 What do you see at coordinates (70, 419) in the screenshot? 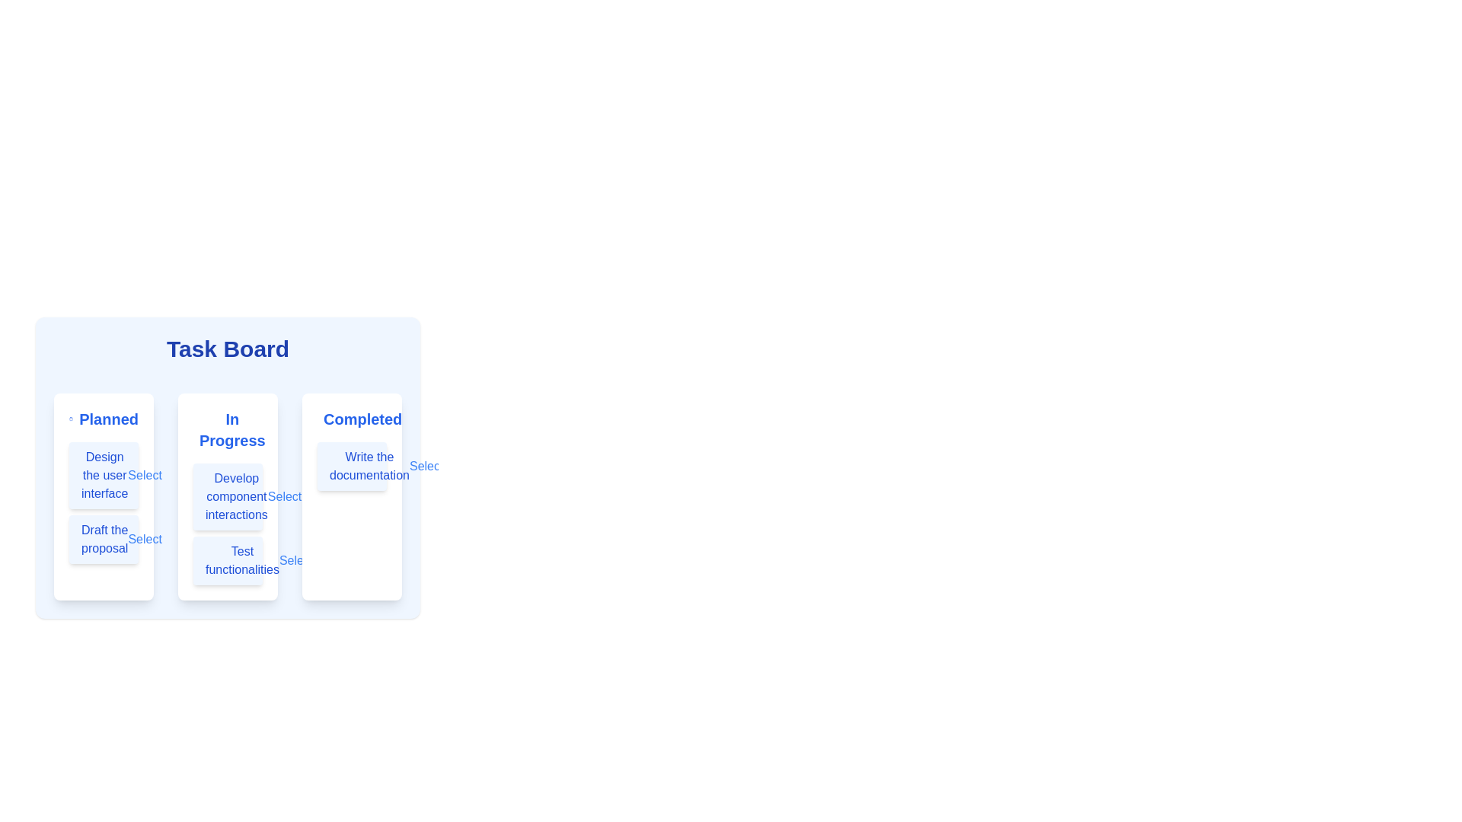
I see `the clipboard icon located to the left of the text 'Planned' in the header section of the card layout` at bounding box center [70, 419].